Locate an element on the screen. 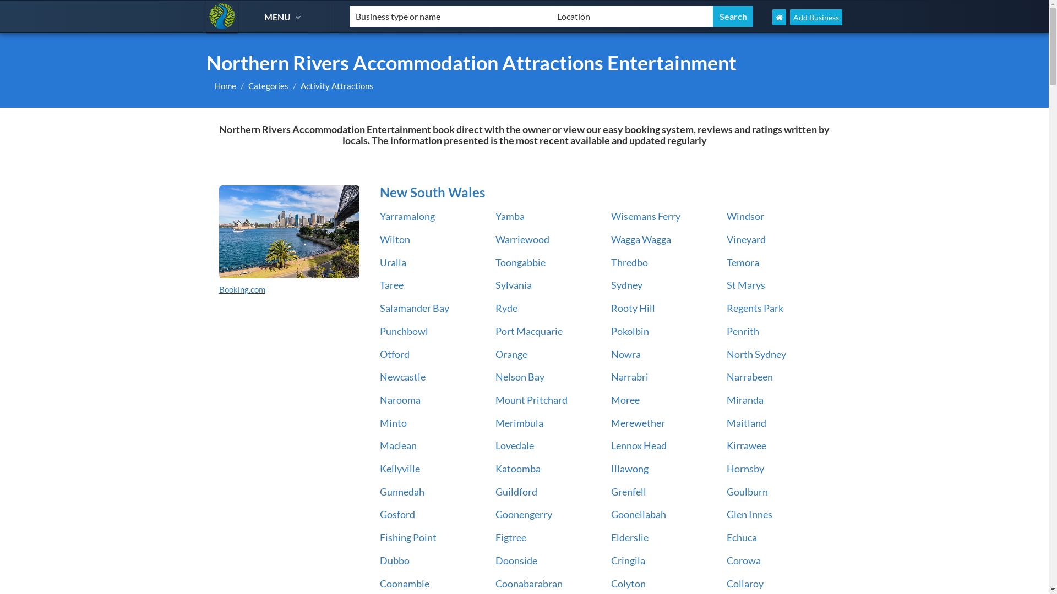  'Echuca' is located at coordinates (742, 536).